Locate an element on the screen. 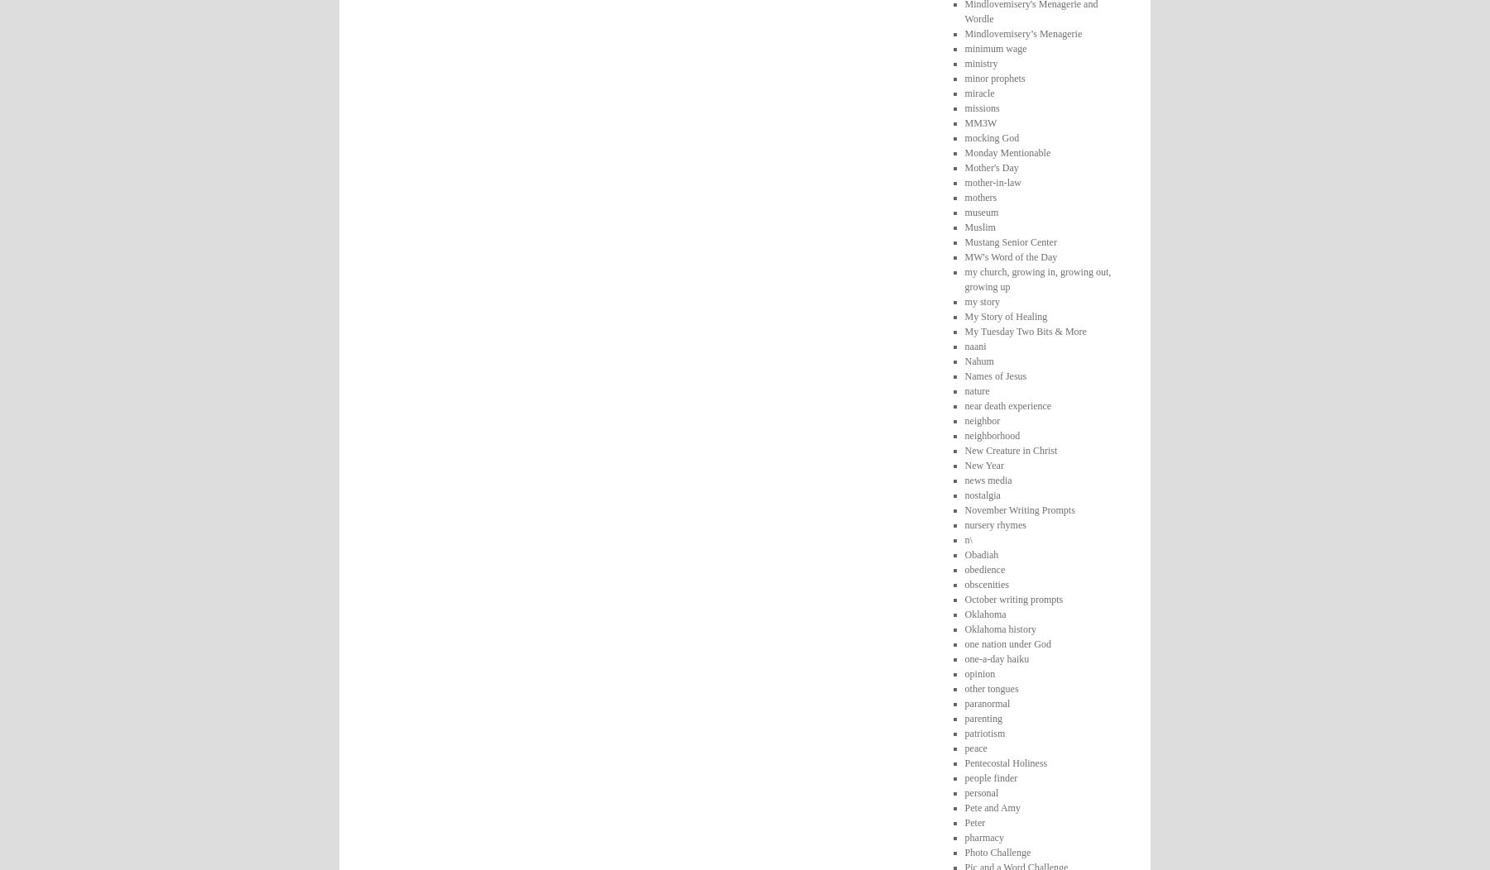 The image size is (1490, 870). 'minimum wage' is located at coordinates (994, 46).